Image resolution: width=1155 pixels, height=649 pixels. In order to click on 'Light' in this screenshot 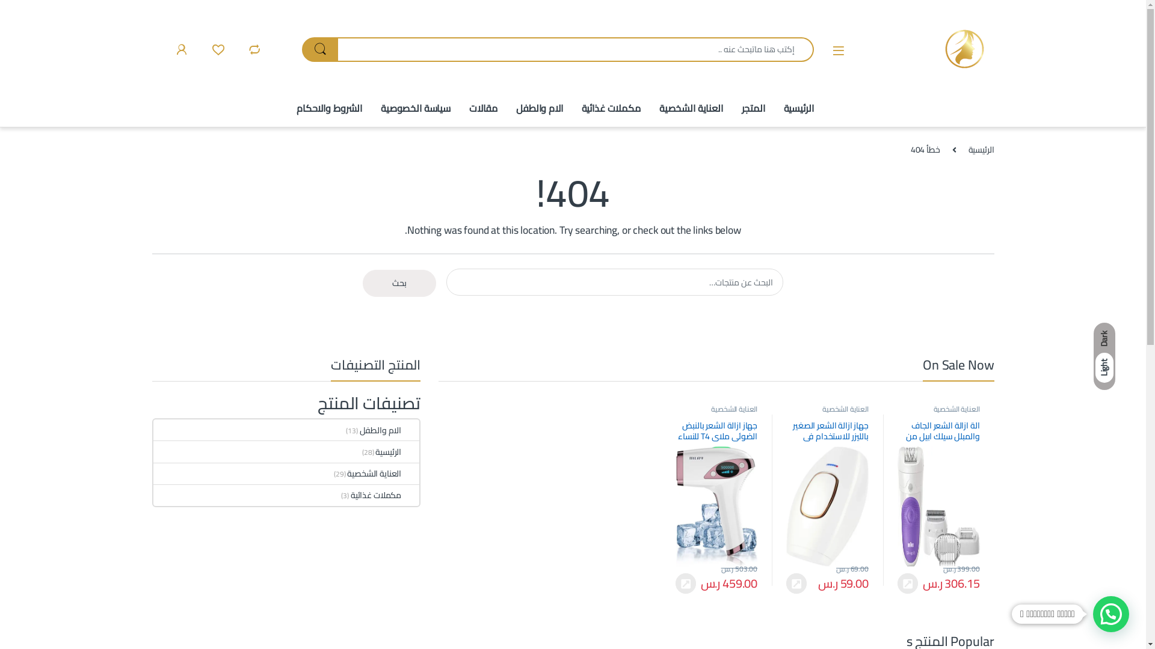, I will do `click(1104, 367)`.